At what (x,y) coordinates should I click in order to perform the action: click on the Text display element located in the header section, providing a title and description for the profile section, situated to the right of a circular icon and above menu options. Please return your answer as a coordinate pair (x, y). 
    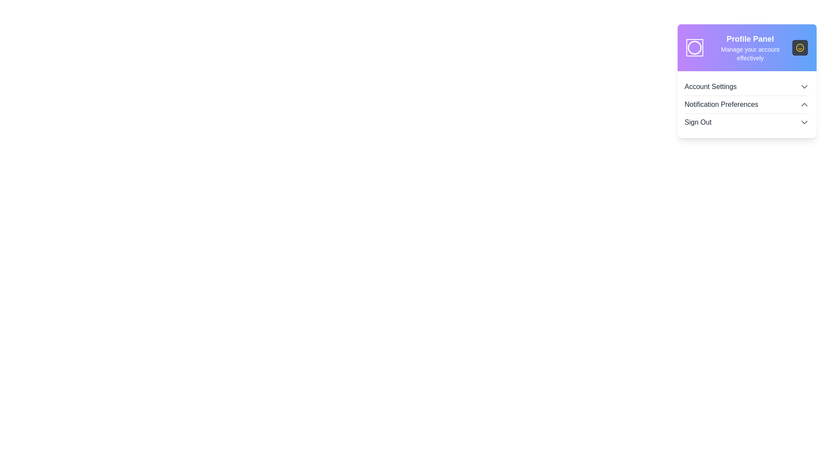
    Looking at the image, I should click on (750, 48).